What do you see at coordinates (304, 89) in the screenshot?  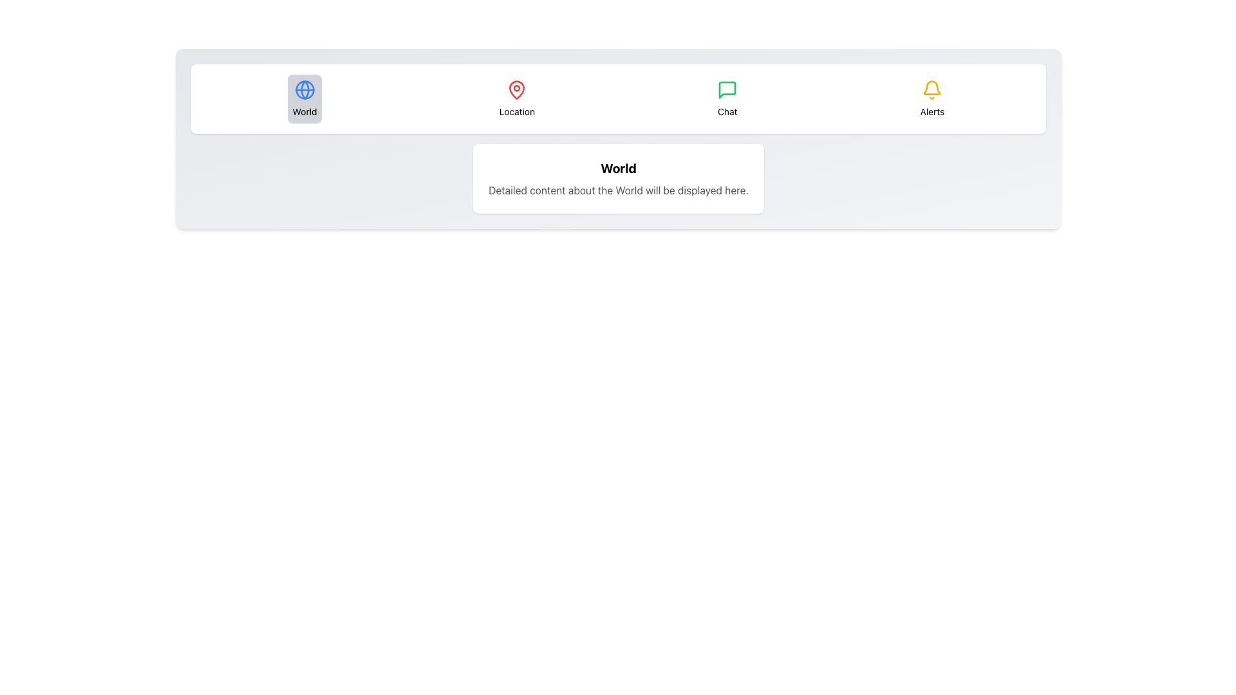 I see `the blue globe icon with a grid pattern in the top navigation bar` at bounding box center [304, 89].